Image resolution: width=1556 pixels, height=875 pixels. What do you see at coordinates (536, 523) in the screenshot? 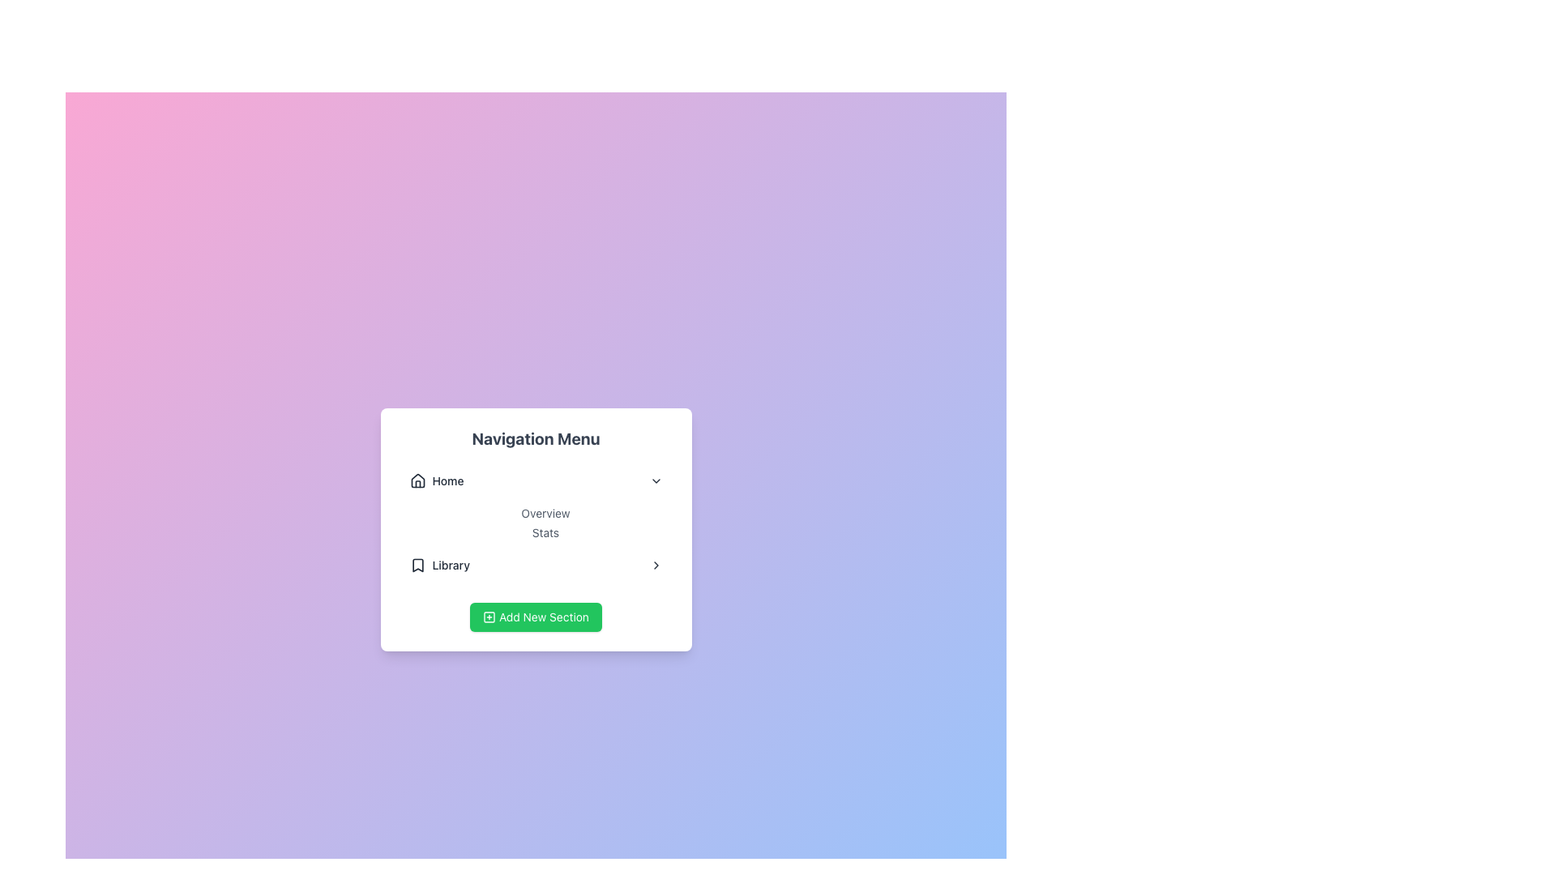
I see `the 'Overview' text link in the grouped text link component located in the navigation menu, which is styled in a small, gray font and positioned above the 'Library' section` at bounding box center [536, 523].